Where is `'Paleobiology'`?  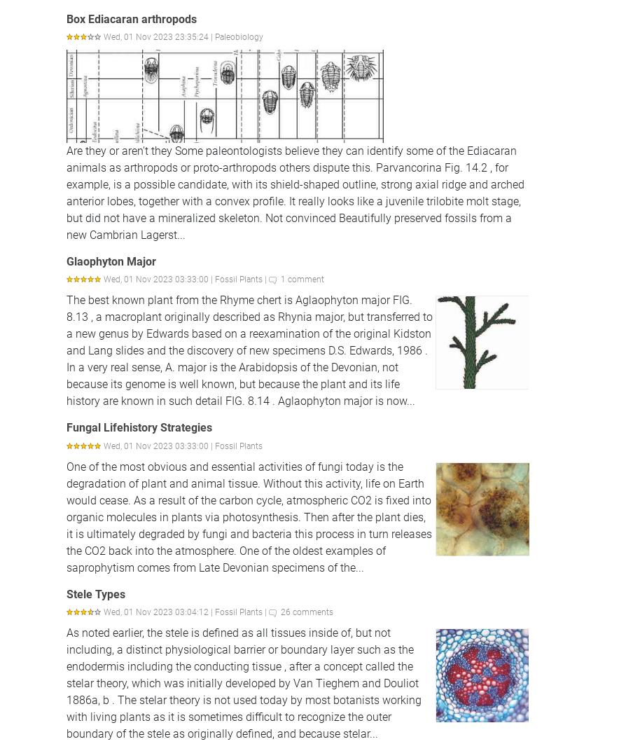
'Paleobiology' is located at coordinates (238, 35).